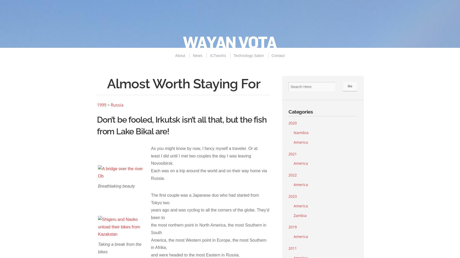 This screenshot has height=258, width=460. I want to click on '2019', so click(288, 227).